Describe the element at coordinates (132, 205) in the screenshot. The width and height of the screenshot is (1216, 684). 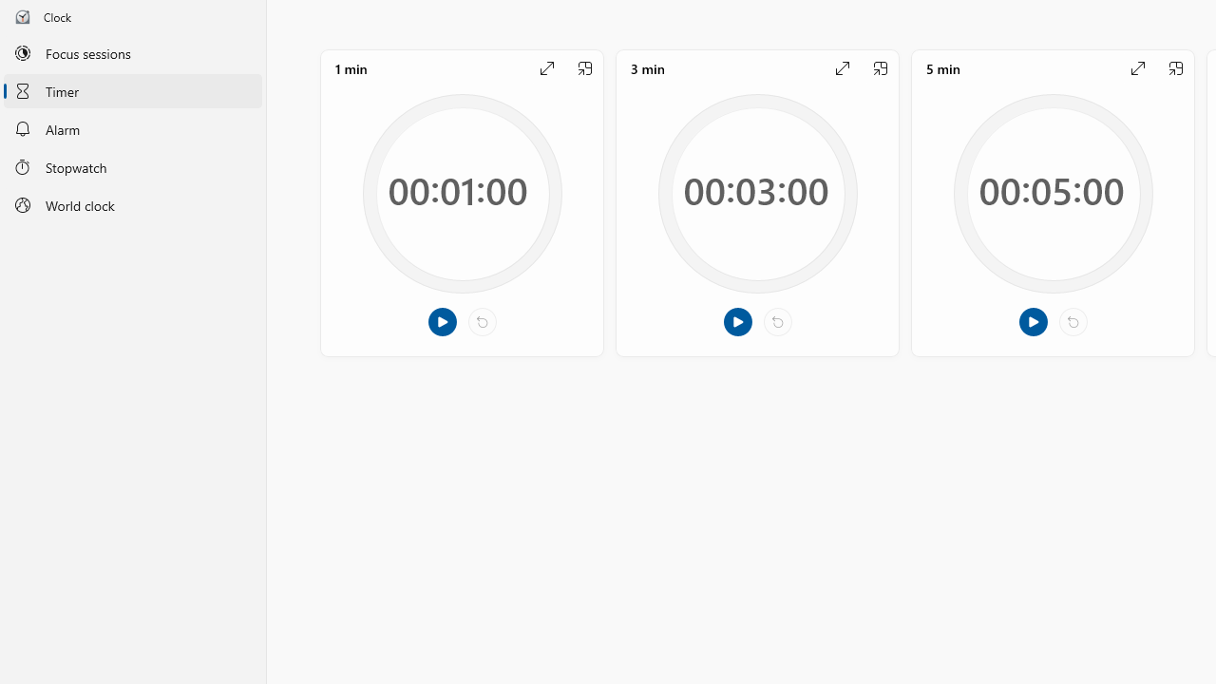
I see `'World clock'` at that location.